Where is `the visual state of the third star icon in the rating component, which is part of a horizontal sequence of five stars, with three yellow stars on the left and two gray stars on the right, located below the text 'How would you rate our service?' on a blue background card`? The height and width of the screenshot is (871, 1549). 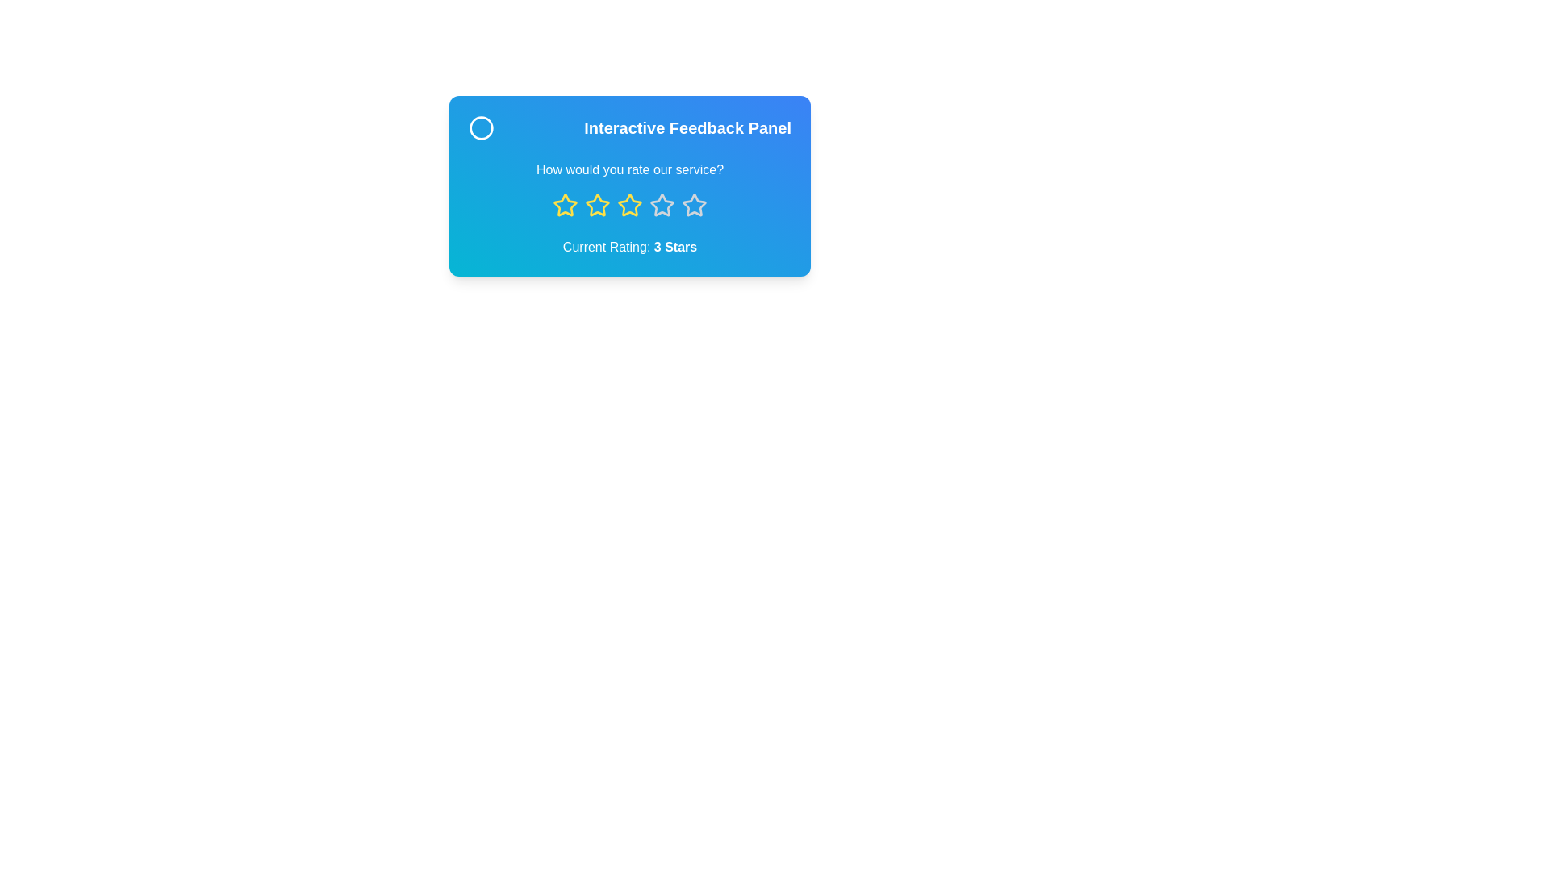 the visual state of the third star icon in the rating component, which is part of a horizontal sequence of five stars, with three yellow stars on the left and two gray stars on the right, located below the text 'How would you rate our service?' on a blue background card is located at coordinates (629, 204).